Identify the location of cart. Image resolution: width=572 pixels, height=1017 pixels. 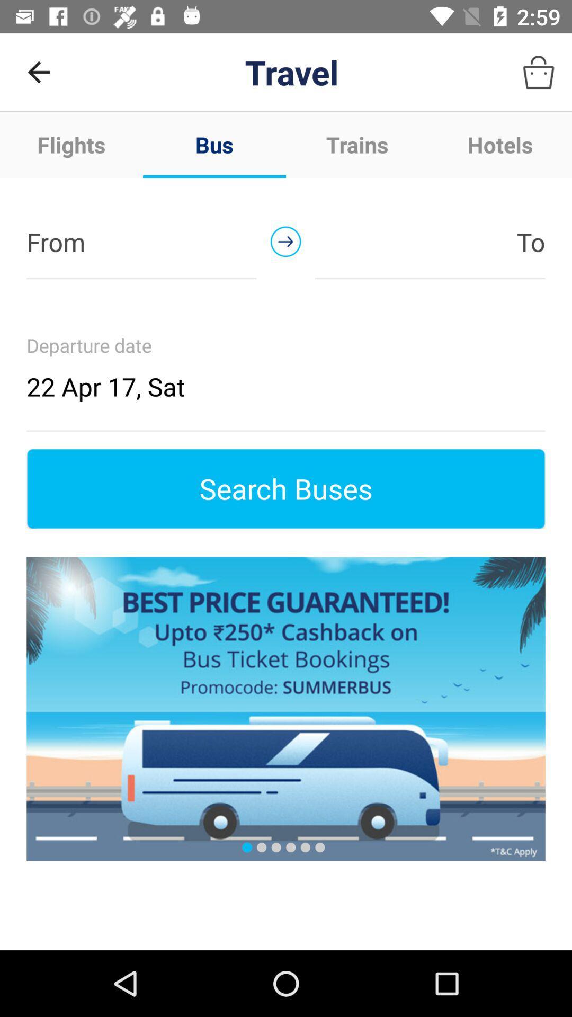
(539, 72).